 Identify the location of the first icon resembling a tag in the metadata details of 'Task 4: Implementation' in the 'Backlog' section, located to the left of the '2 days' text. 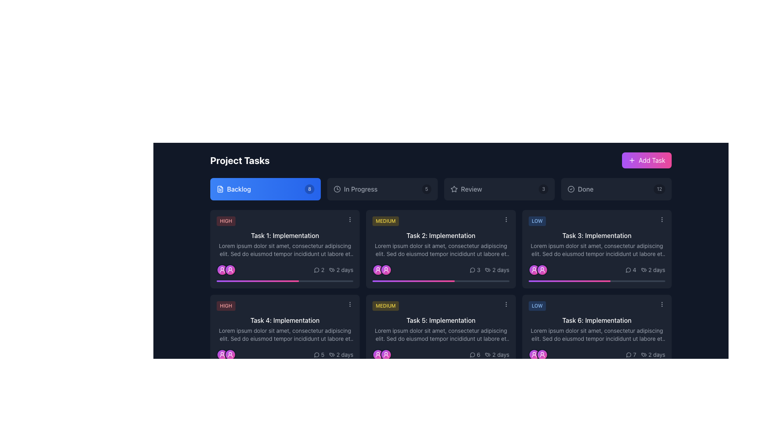
(332, 354).